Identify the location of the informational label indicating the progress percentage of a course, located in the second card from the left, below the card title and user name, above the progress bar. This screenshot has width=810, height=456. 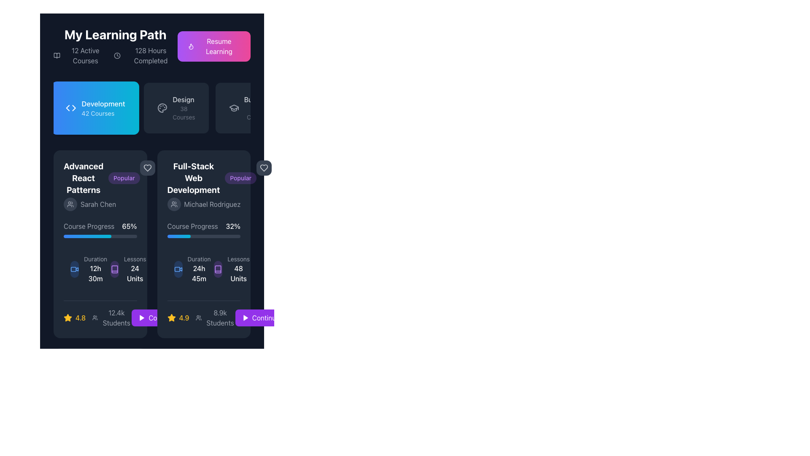
(204, 226).